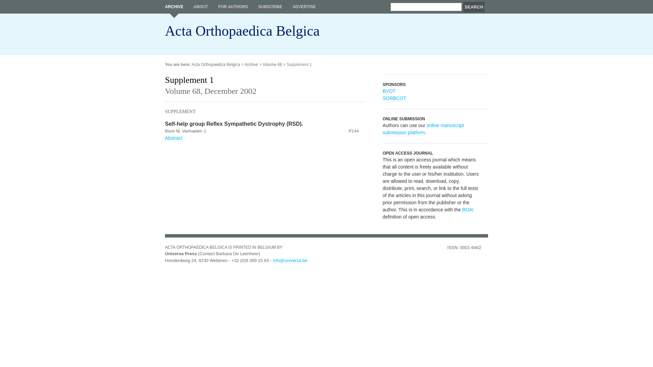  I want to click on 'BOAI', so click(462, 209).